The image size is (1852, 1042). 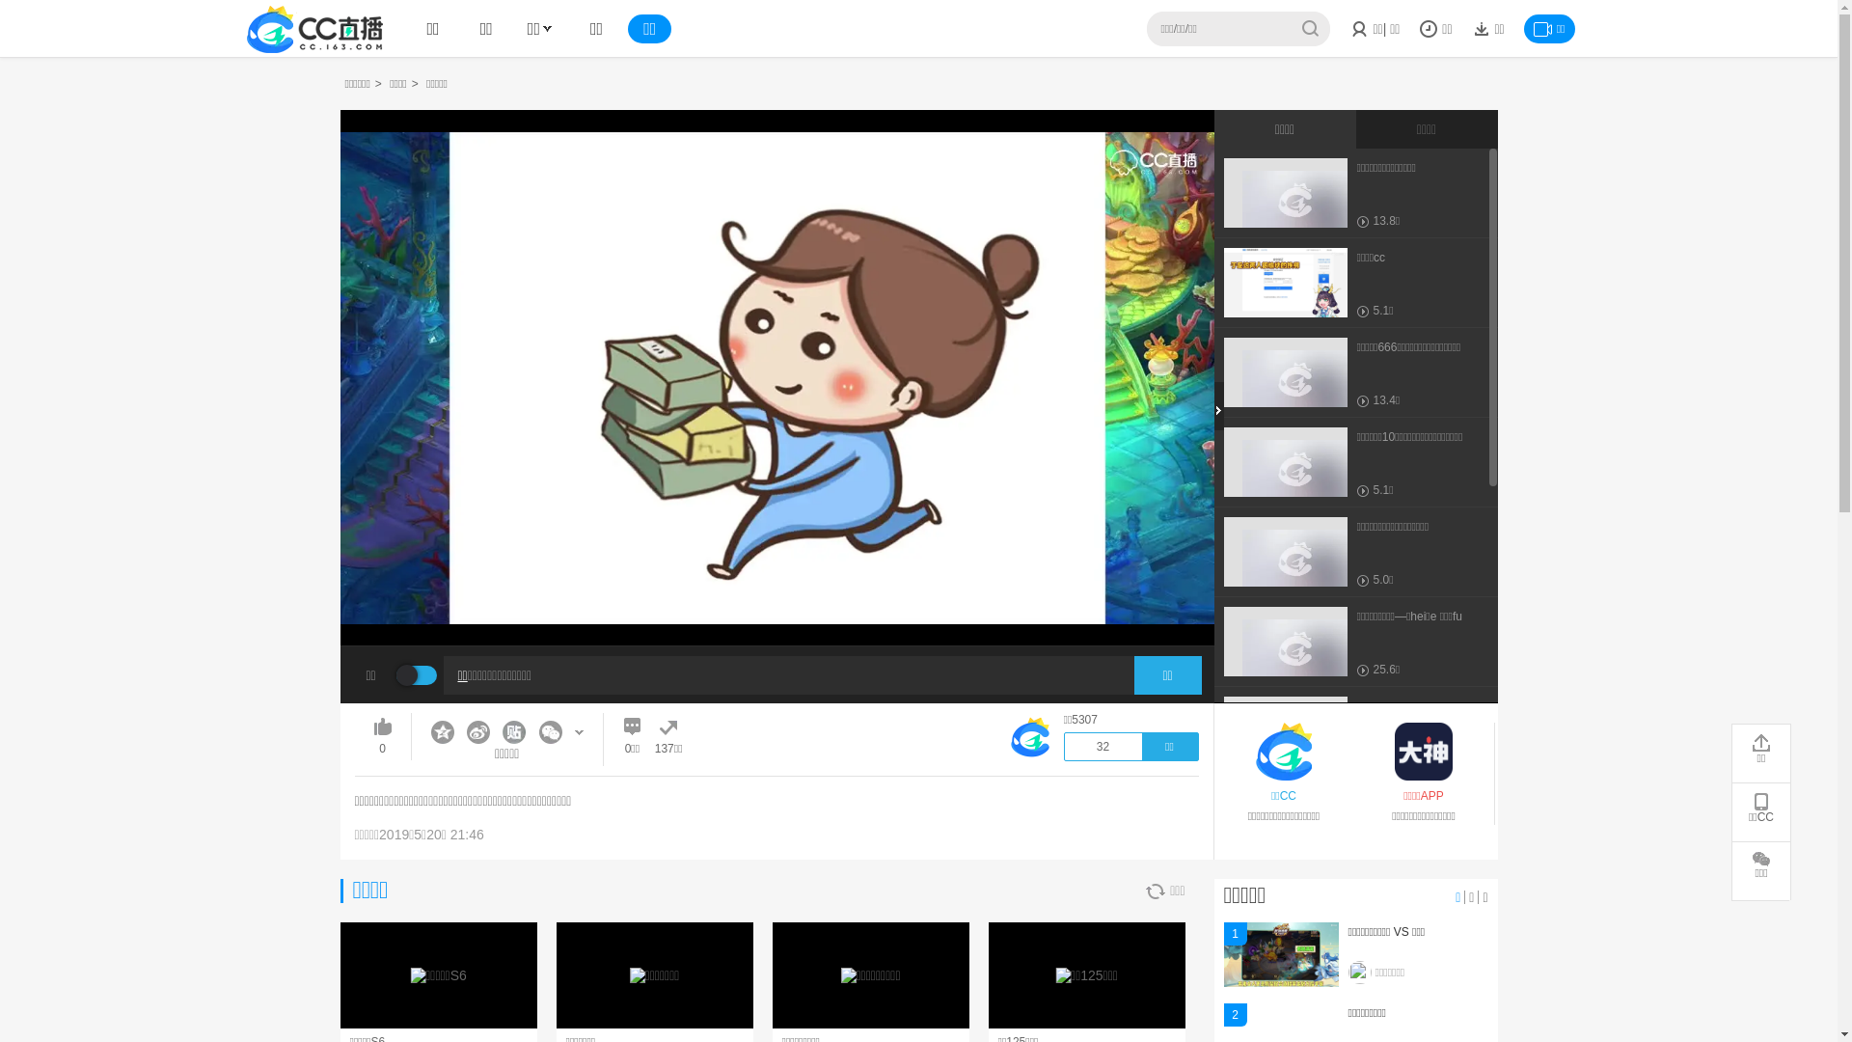 What do you see at coordinates (374, 736) in the screenshot?
I see `'0'` at bounding box center [374, 736].